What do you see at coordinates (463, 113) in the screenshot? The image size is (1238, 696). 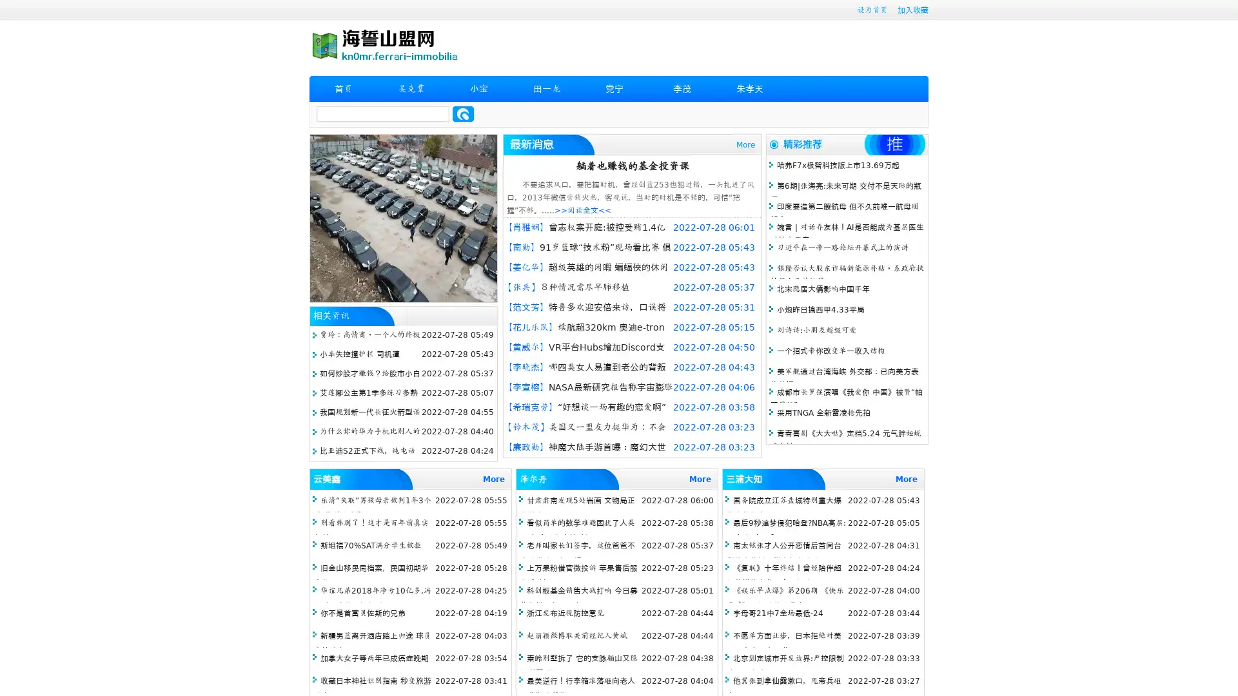 I see `Search` at bounding box center [463, 113].